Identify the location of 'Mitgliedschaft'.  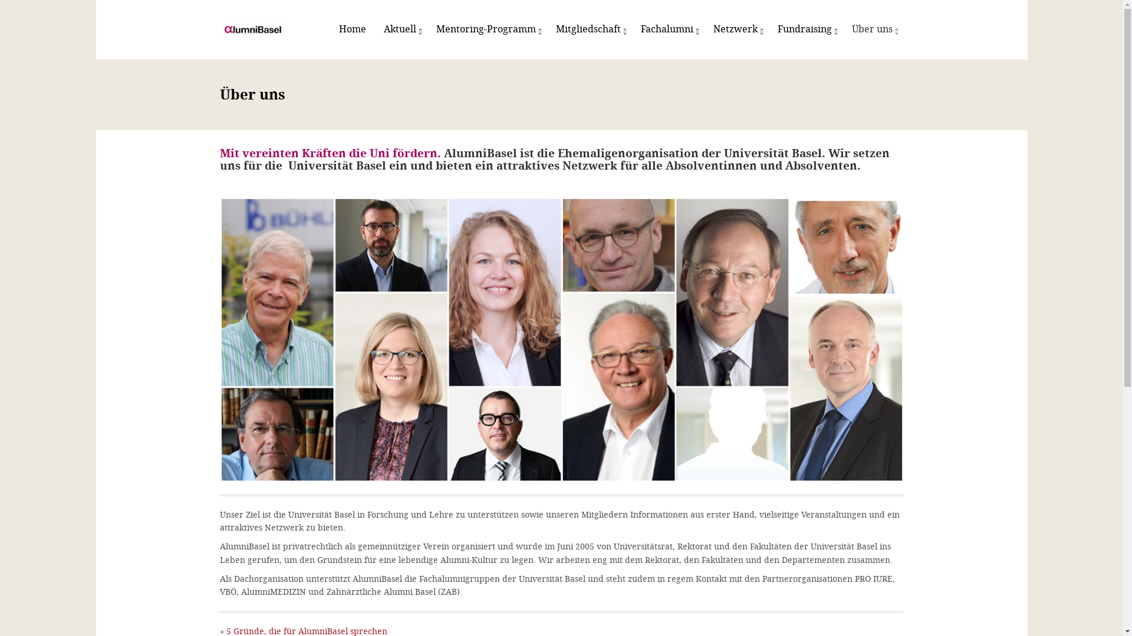
(589, 29).